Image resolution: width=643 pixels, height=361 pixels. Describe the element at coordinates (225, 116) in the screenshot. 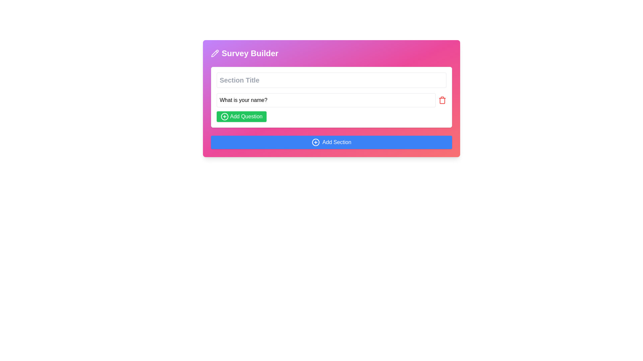

I see `the icon located on the left side of the green button labeled 'Add Question'` at that location.